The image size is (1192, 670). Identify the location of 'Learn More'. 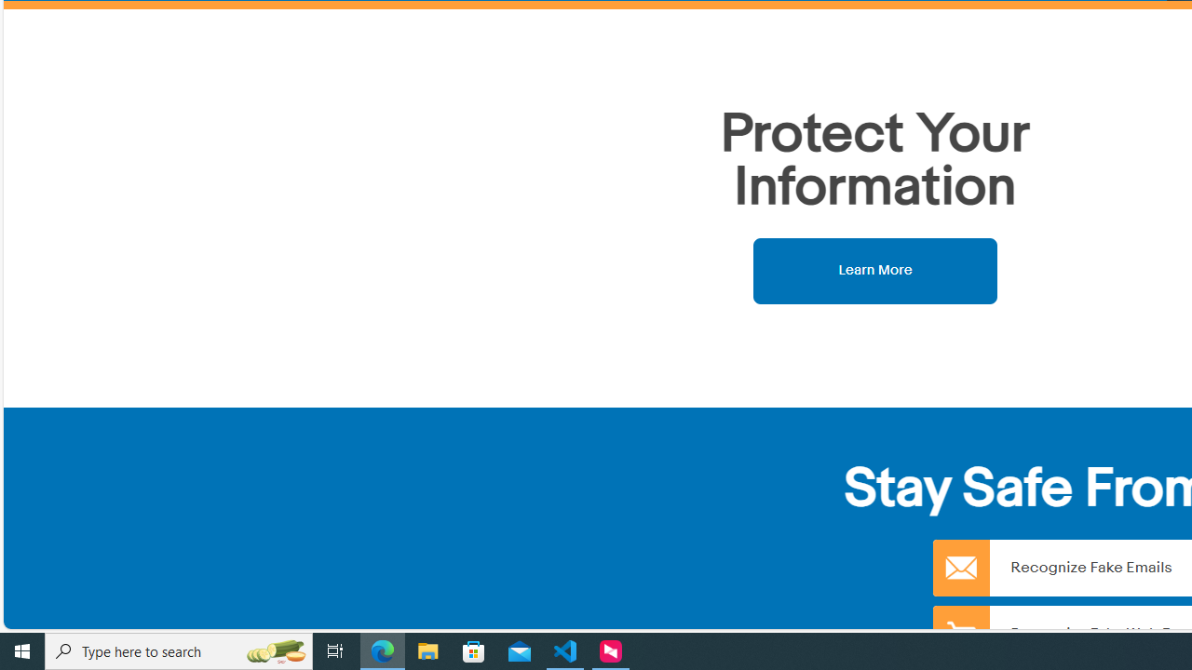
(874, 270).